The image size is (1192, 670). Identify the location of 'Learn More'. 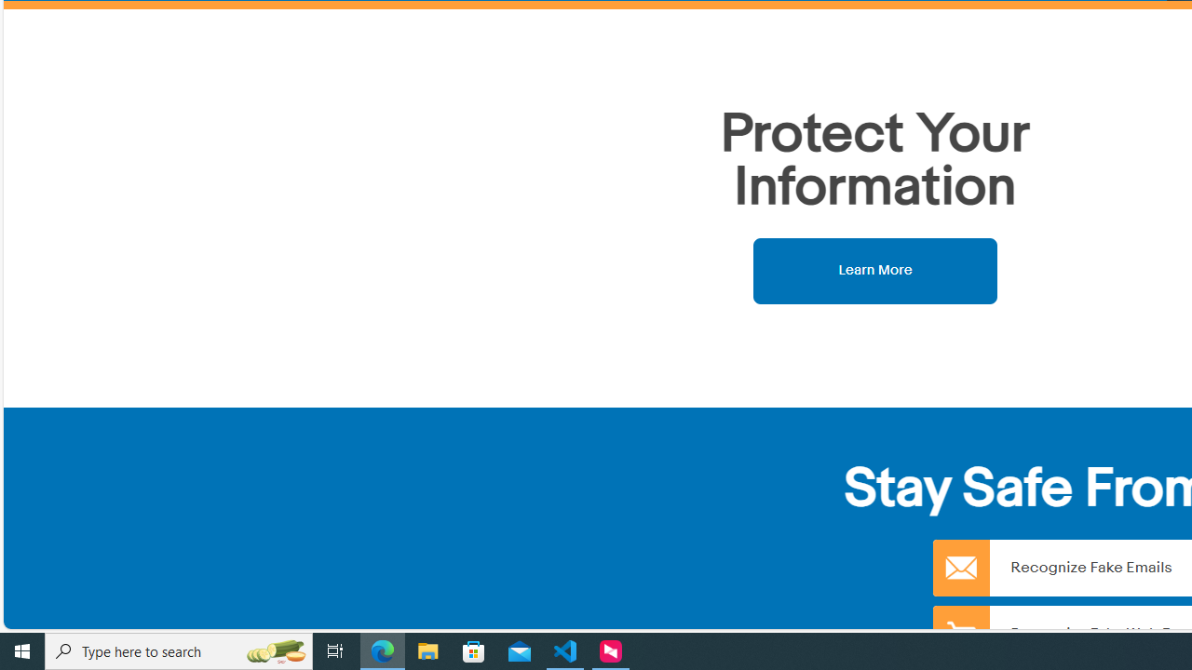
(874, 270).